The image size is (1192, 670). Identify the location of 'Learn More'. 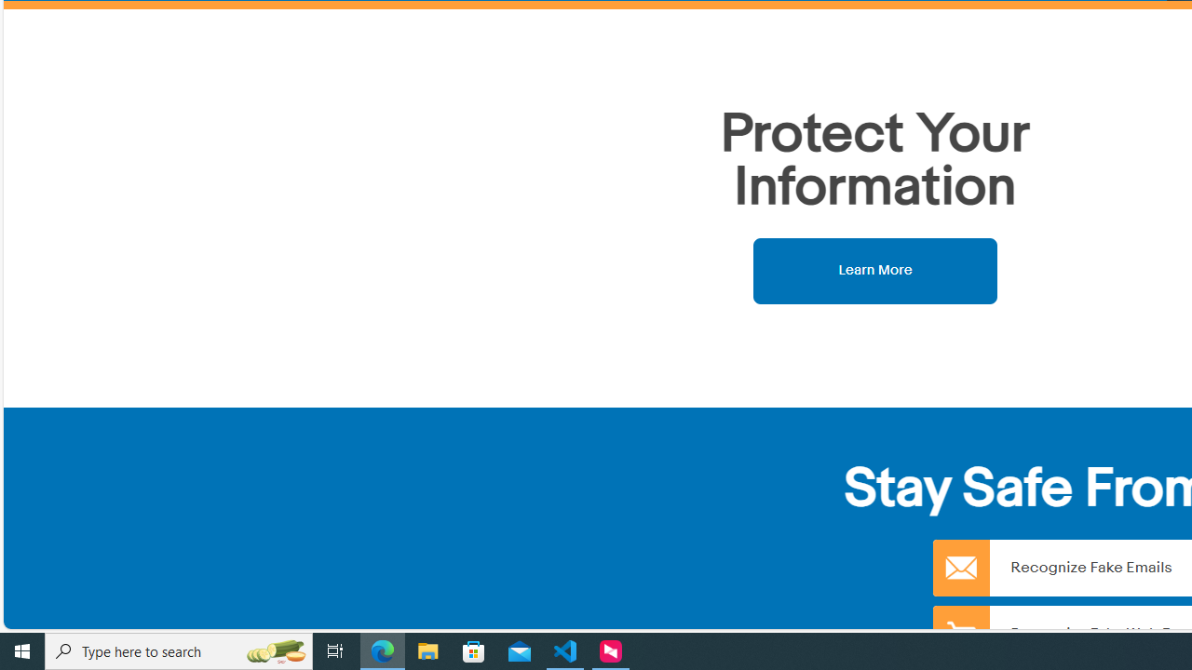
(874, 270).